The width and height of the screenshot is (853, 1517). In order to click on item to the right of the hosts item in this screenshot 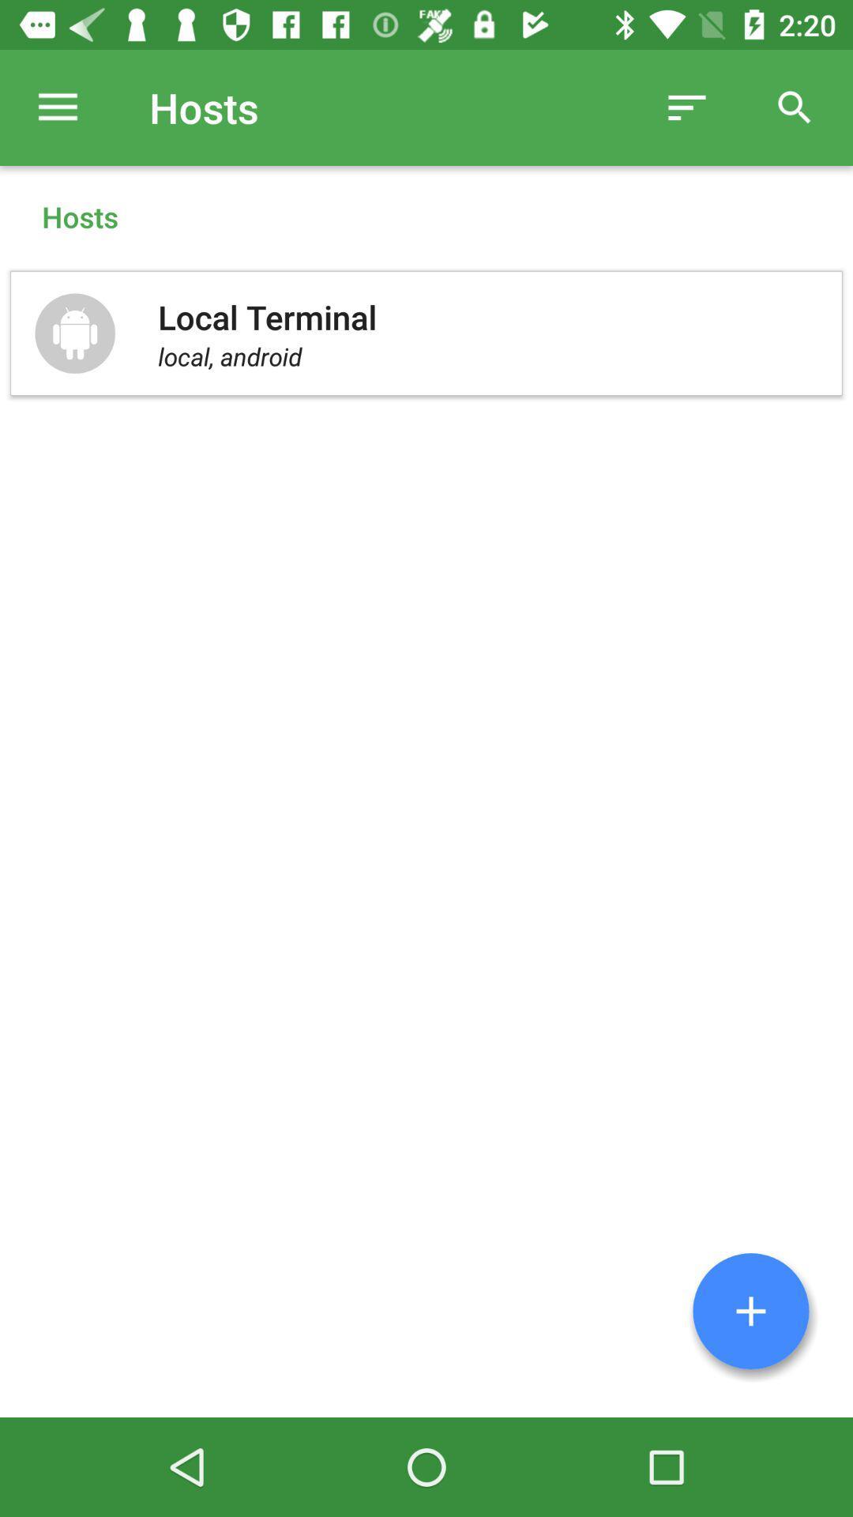, I will do `click(686, 107)`.